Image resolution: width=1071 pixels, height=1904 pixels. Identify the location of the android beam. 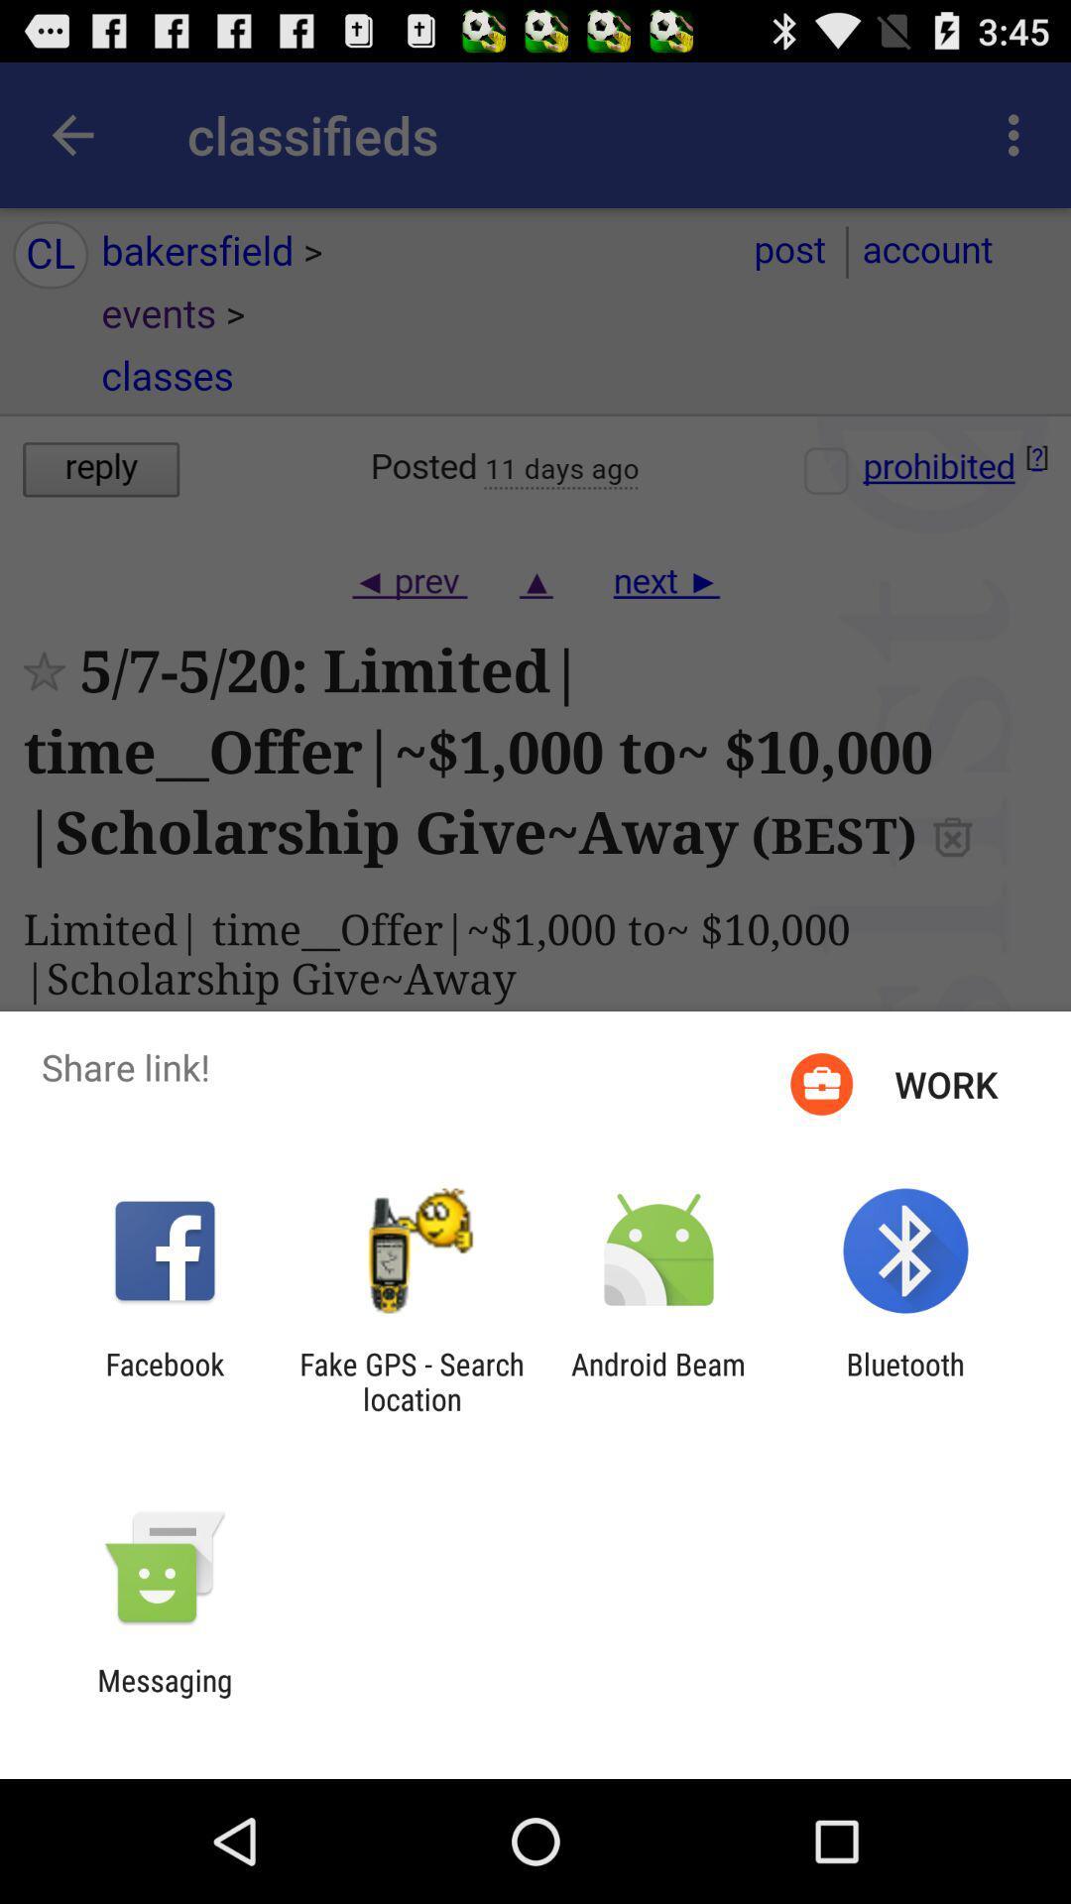
(658, 1380).